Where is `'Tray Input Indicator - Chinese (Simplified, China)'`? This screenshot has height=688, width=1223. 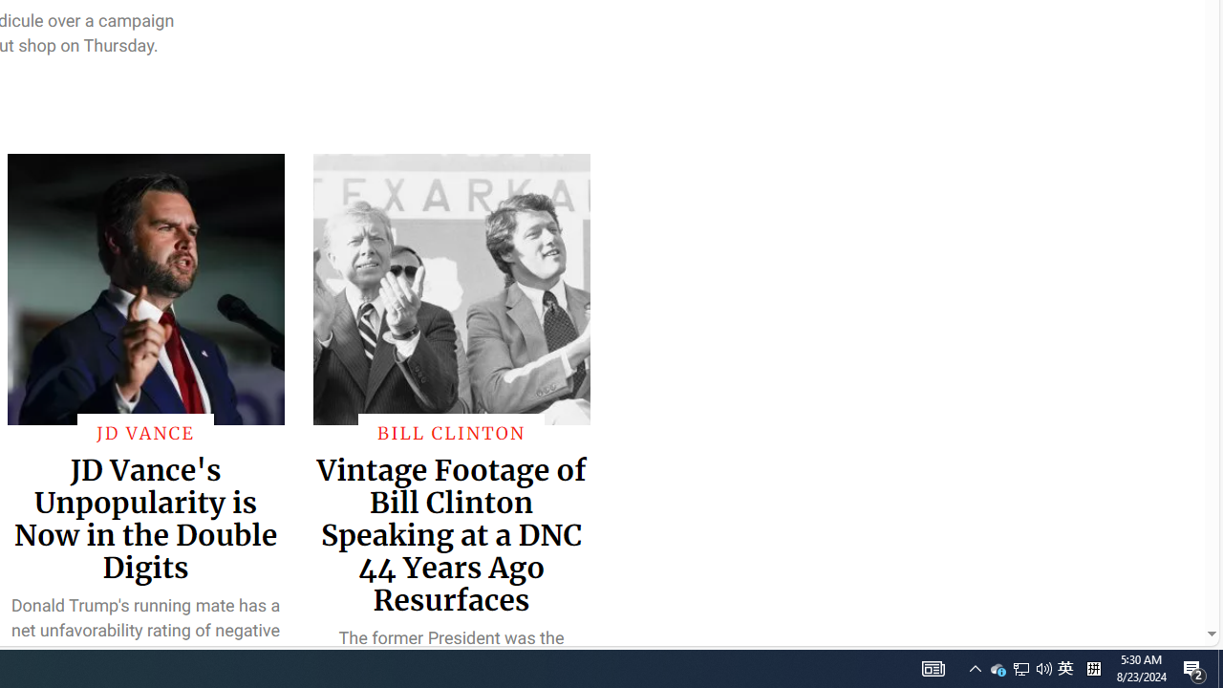
'Tray Input Indicator - Chinese (Simplified, China)' is located at coordinates (1093, 667).